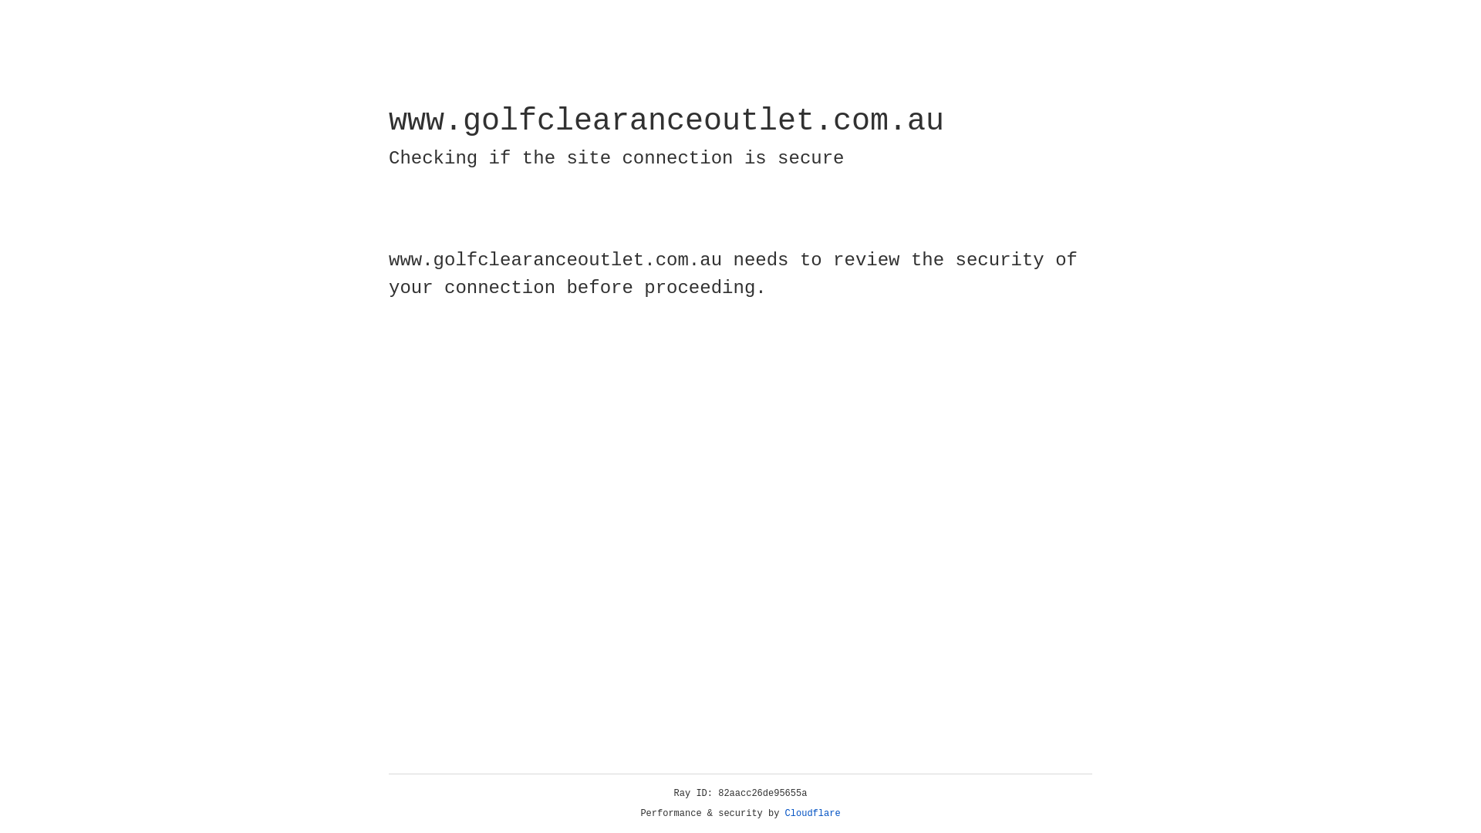  Describe the element at coordinates (812, 813) in the screenshot. I see `'Cloudflare'` at that location.